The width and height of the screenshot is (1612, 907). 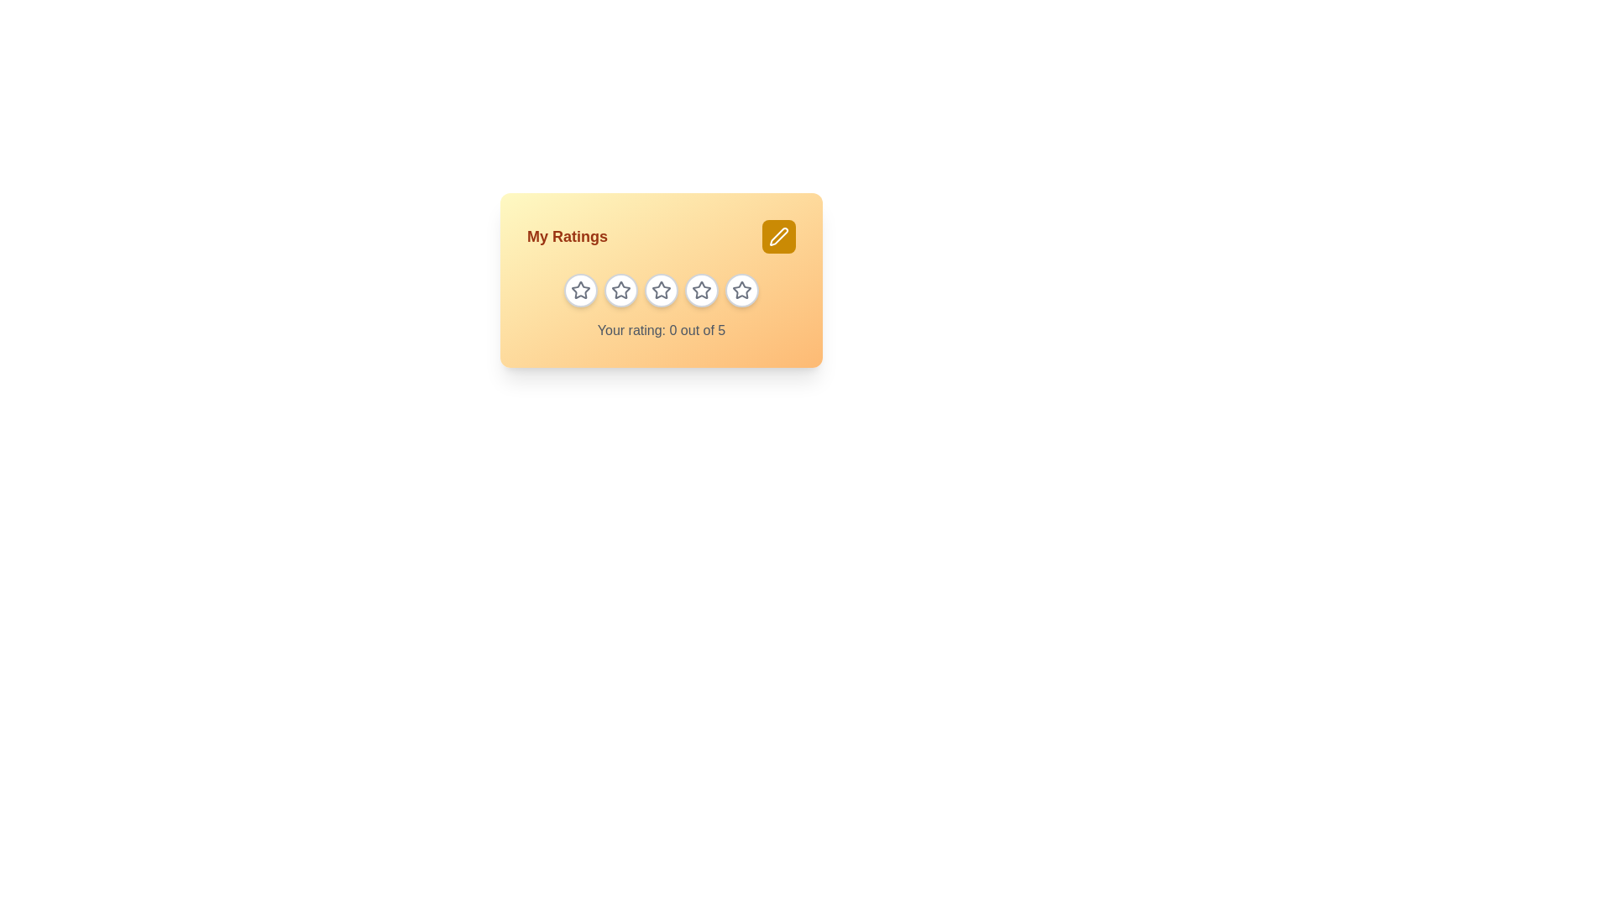 What do you see at coordinates (741, 290) in the screenshot?
I see `the fifth circular button with a white background and outlined star icon` at bounding box center [741, 290].